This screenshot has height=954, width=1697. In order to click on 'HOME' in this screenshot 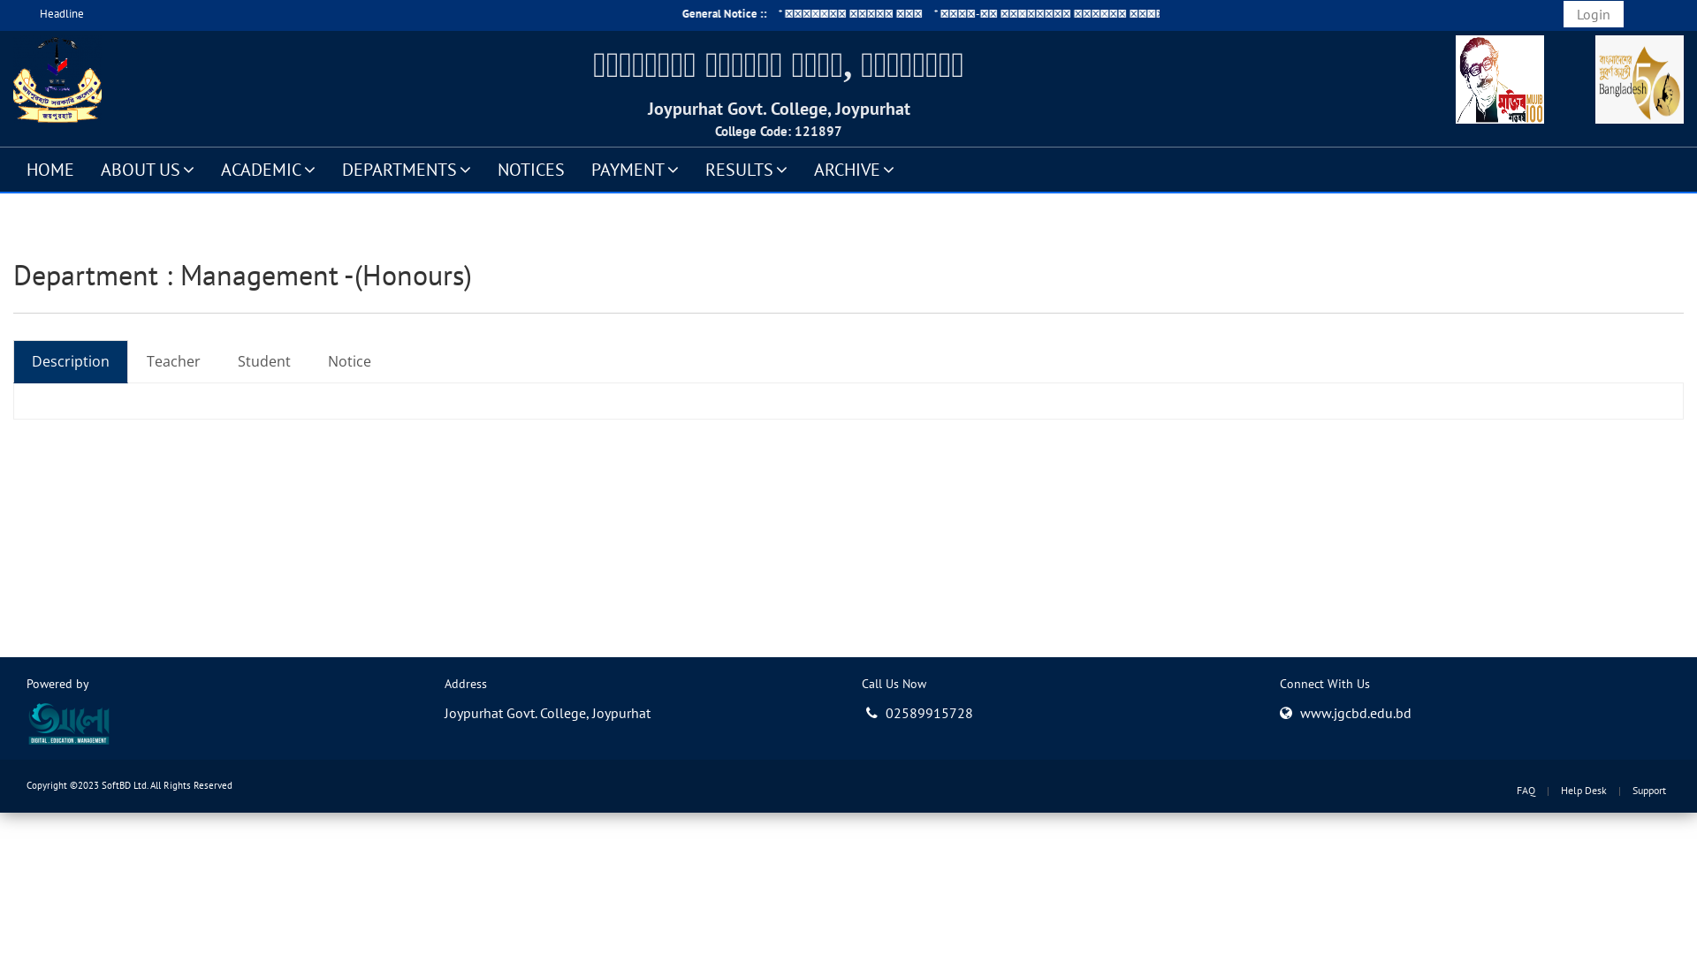, I will do `click(12, 169)`.